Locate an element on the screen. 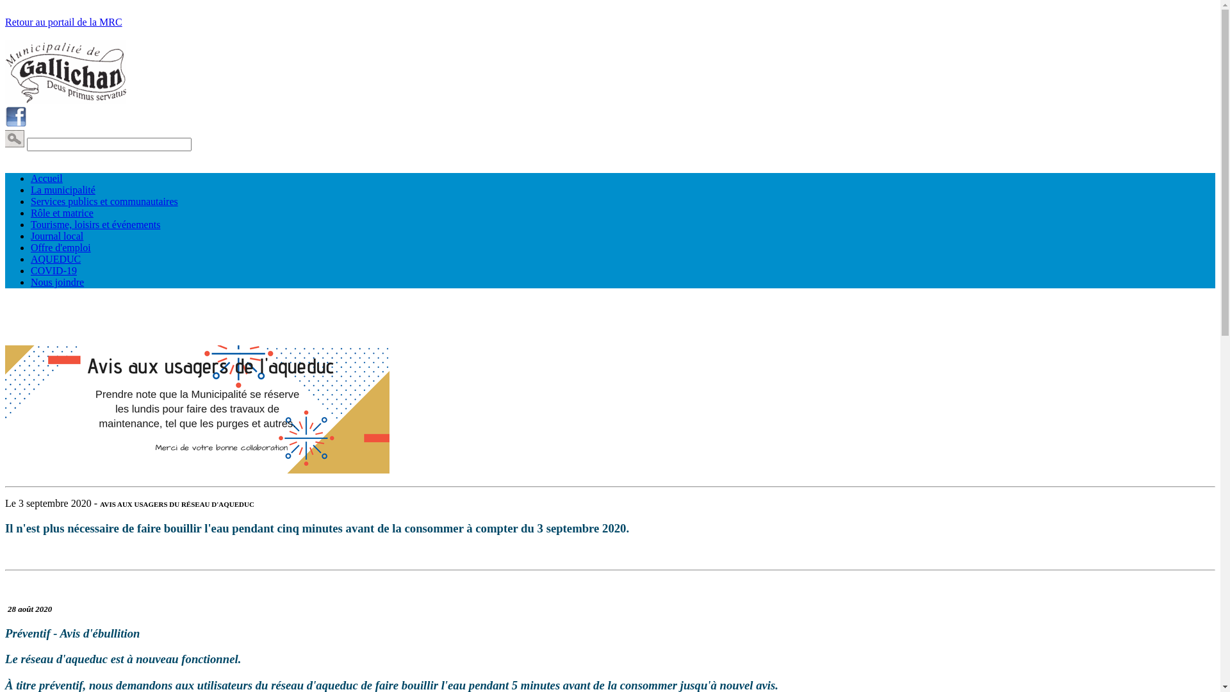 This screenshot has height=692, width=1230. 'AQUEDUC' is located at coordinates (31, 259).